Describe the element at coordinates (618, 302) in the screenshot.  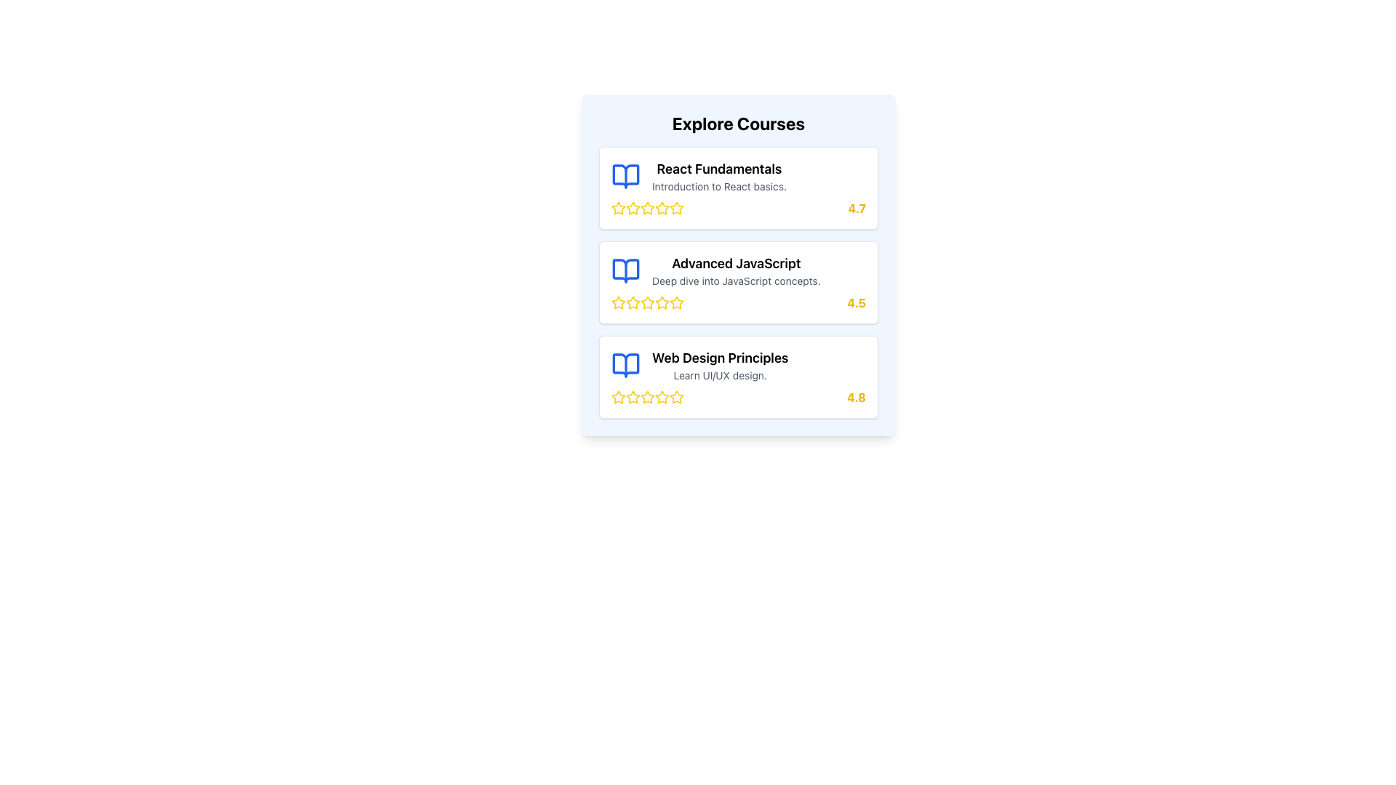
I see `the second star in the 5-star rating system located under the 'Advanced JavaScript' course card in the 'Explore Courses' list` at that location.